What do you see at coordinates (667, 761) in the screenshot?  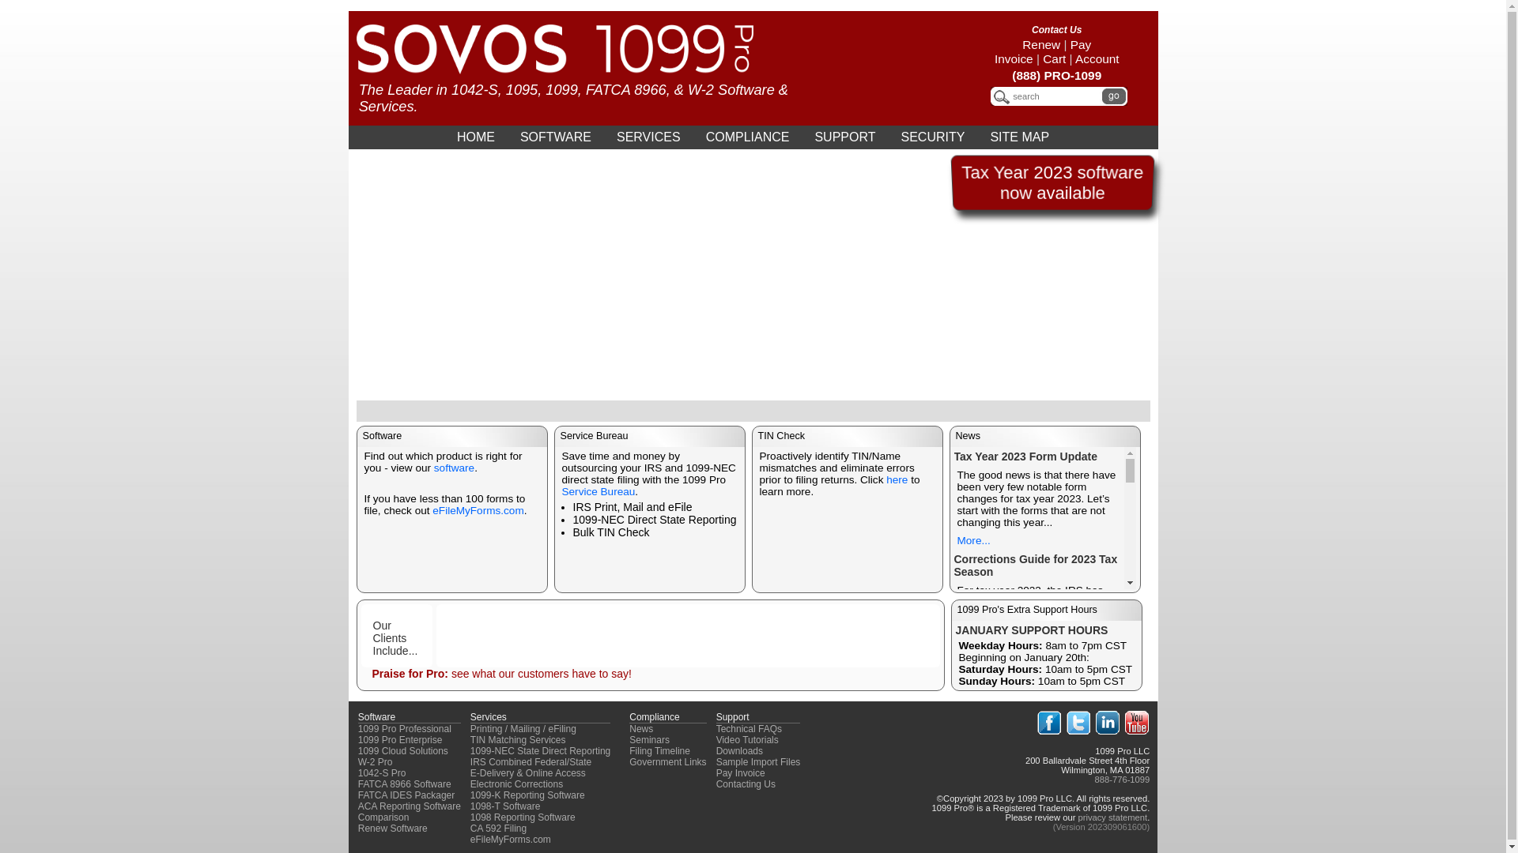 I see `'Government Links'` at bounding box center [667, 761].